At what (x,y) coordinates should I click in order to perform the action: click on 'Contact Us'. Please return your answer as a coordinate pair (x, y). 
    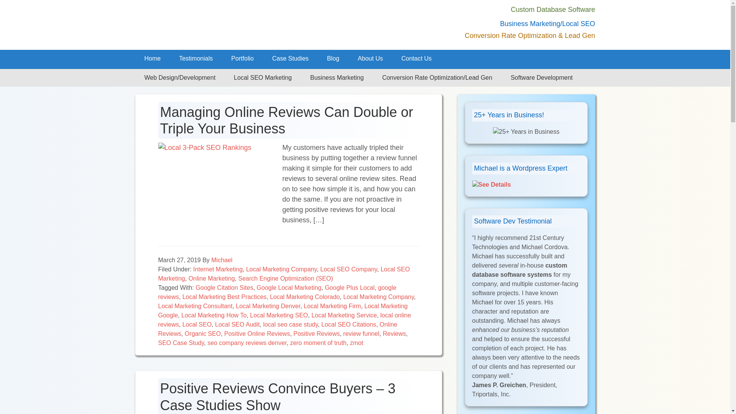
    Looking at the image, I should click on (416, 58).